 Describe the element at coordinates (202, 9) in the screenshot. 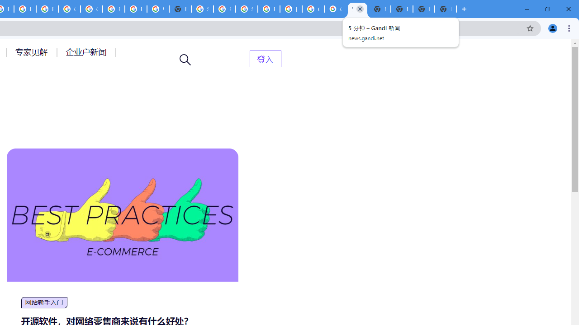

I see `'Sign in - Google Accounts'` at that location.